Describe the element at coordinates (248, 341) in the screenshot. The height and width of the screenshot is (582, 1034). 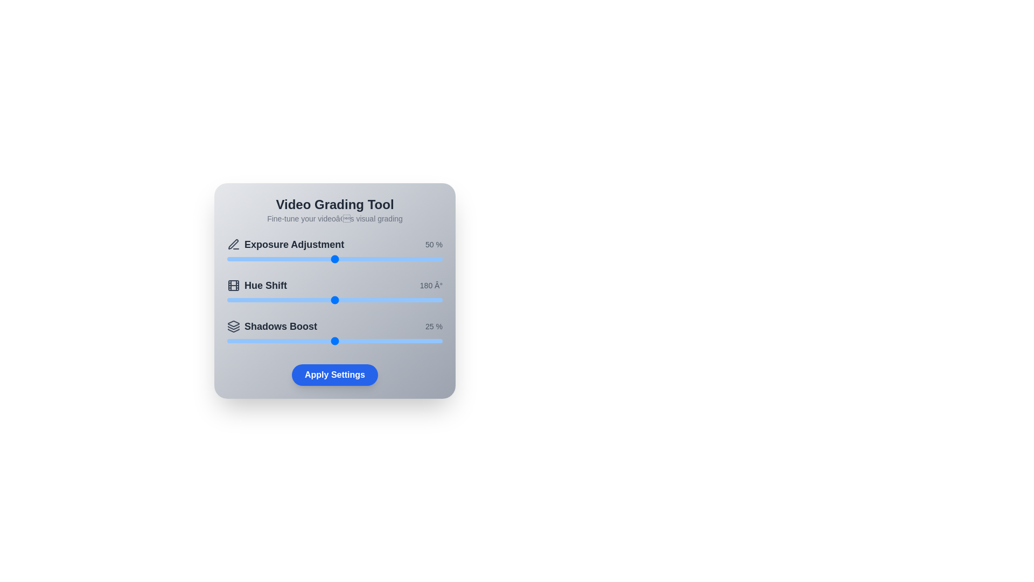
I see `the 'Shadows Boost' slider` at that location.